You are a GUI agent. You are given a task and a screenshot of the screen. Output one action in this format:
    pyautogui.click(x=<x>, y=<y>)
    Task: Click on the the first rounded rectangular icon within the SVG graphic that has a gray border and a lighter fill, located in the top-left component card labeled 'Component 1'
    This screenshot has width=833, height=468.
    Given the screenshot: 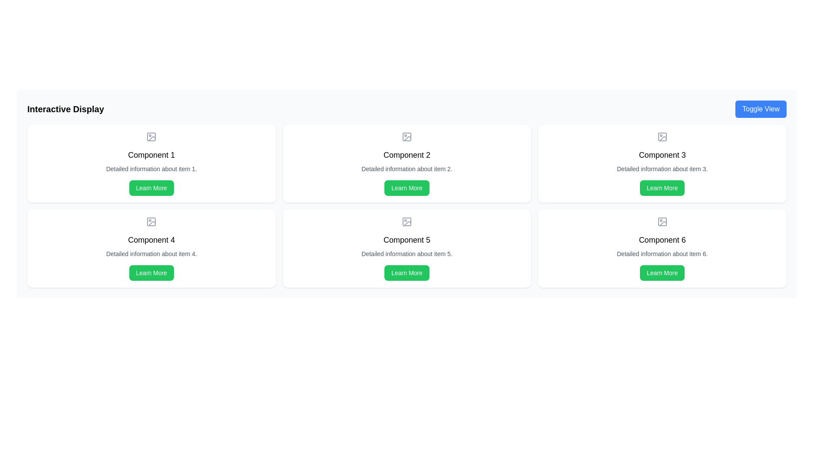 What is the action you would take?
    pyautogui.click(x=151, y=136)
    